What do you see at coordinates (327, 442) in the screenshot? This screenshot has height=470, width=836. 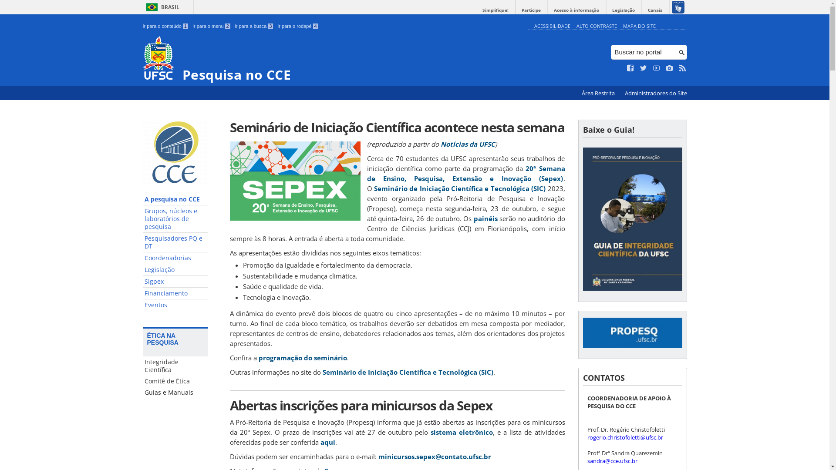 I see `'aqui'` at bounding box center [327, 442].